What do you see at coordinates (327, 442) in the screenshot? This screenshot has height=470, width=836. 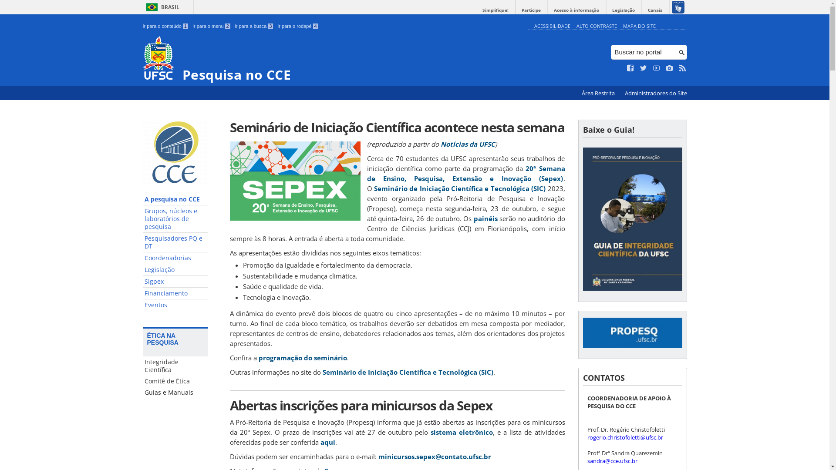 I see `'aqui'` at bounding box center [327, 442].